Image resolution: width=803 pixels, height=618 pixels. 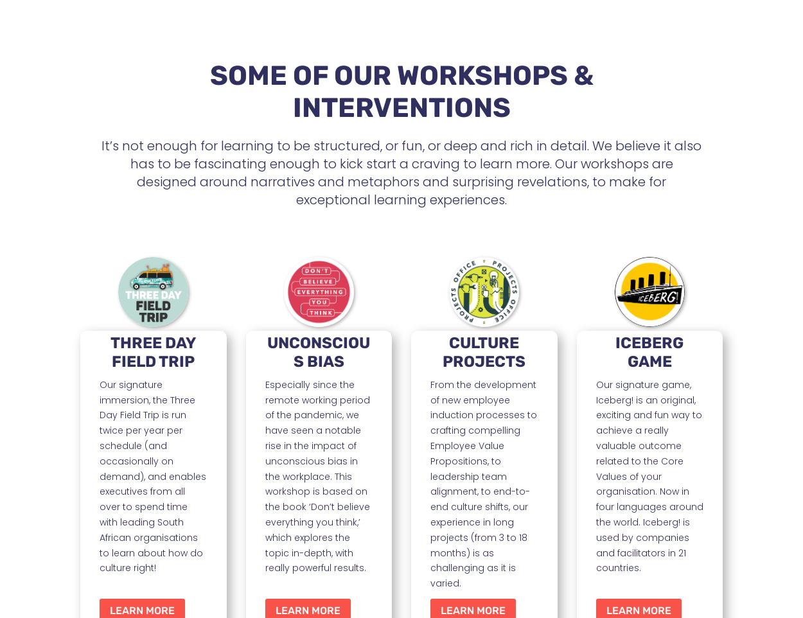 I want to click on 'Our signature game, Iceberg! is an original, exciting and fun way to achieve a really valuable outcome related to the Core Values of your organisation. Now in four languages around the world. Iceberg! is used by companies and facilitators in 21 countries.', so click(x=649, y=476).